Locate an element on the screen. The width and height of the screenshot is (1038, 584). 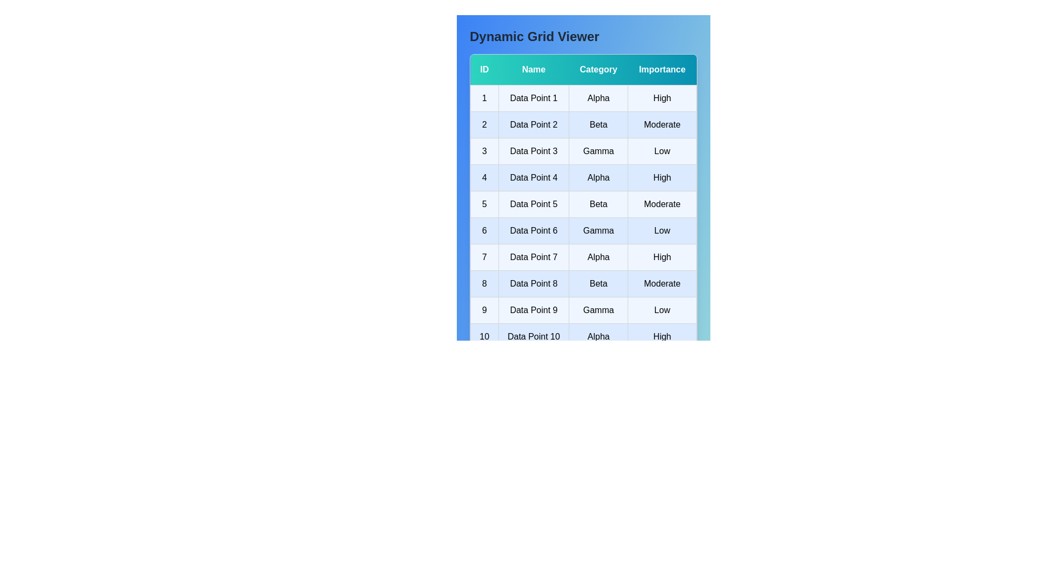
the header labeled 'Importance' to sort the table by the corresponding column is located at coordinates (661, 70).